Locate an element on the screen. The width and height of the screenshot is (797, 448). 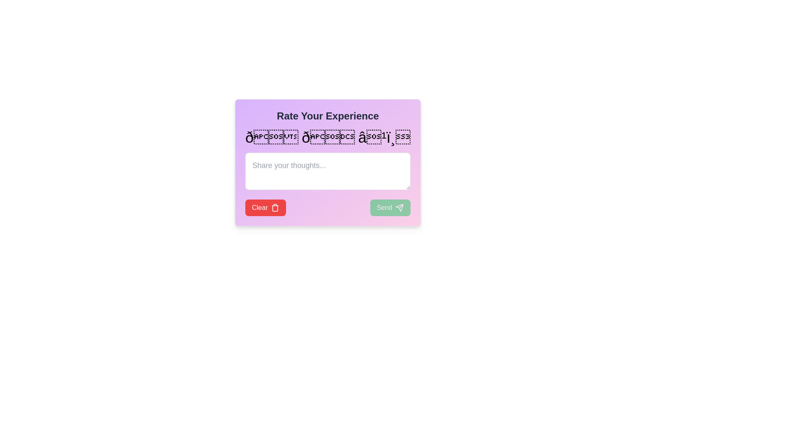
the minimalist paper airplane icon located next to the 'Send' button in the bottom-right corner of the user interface dialog box is located at coordinates (400, 207).